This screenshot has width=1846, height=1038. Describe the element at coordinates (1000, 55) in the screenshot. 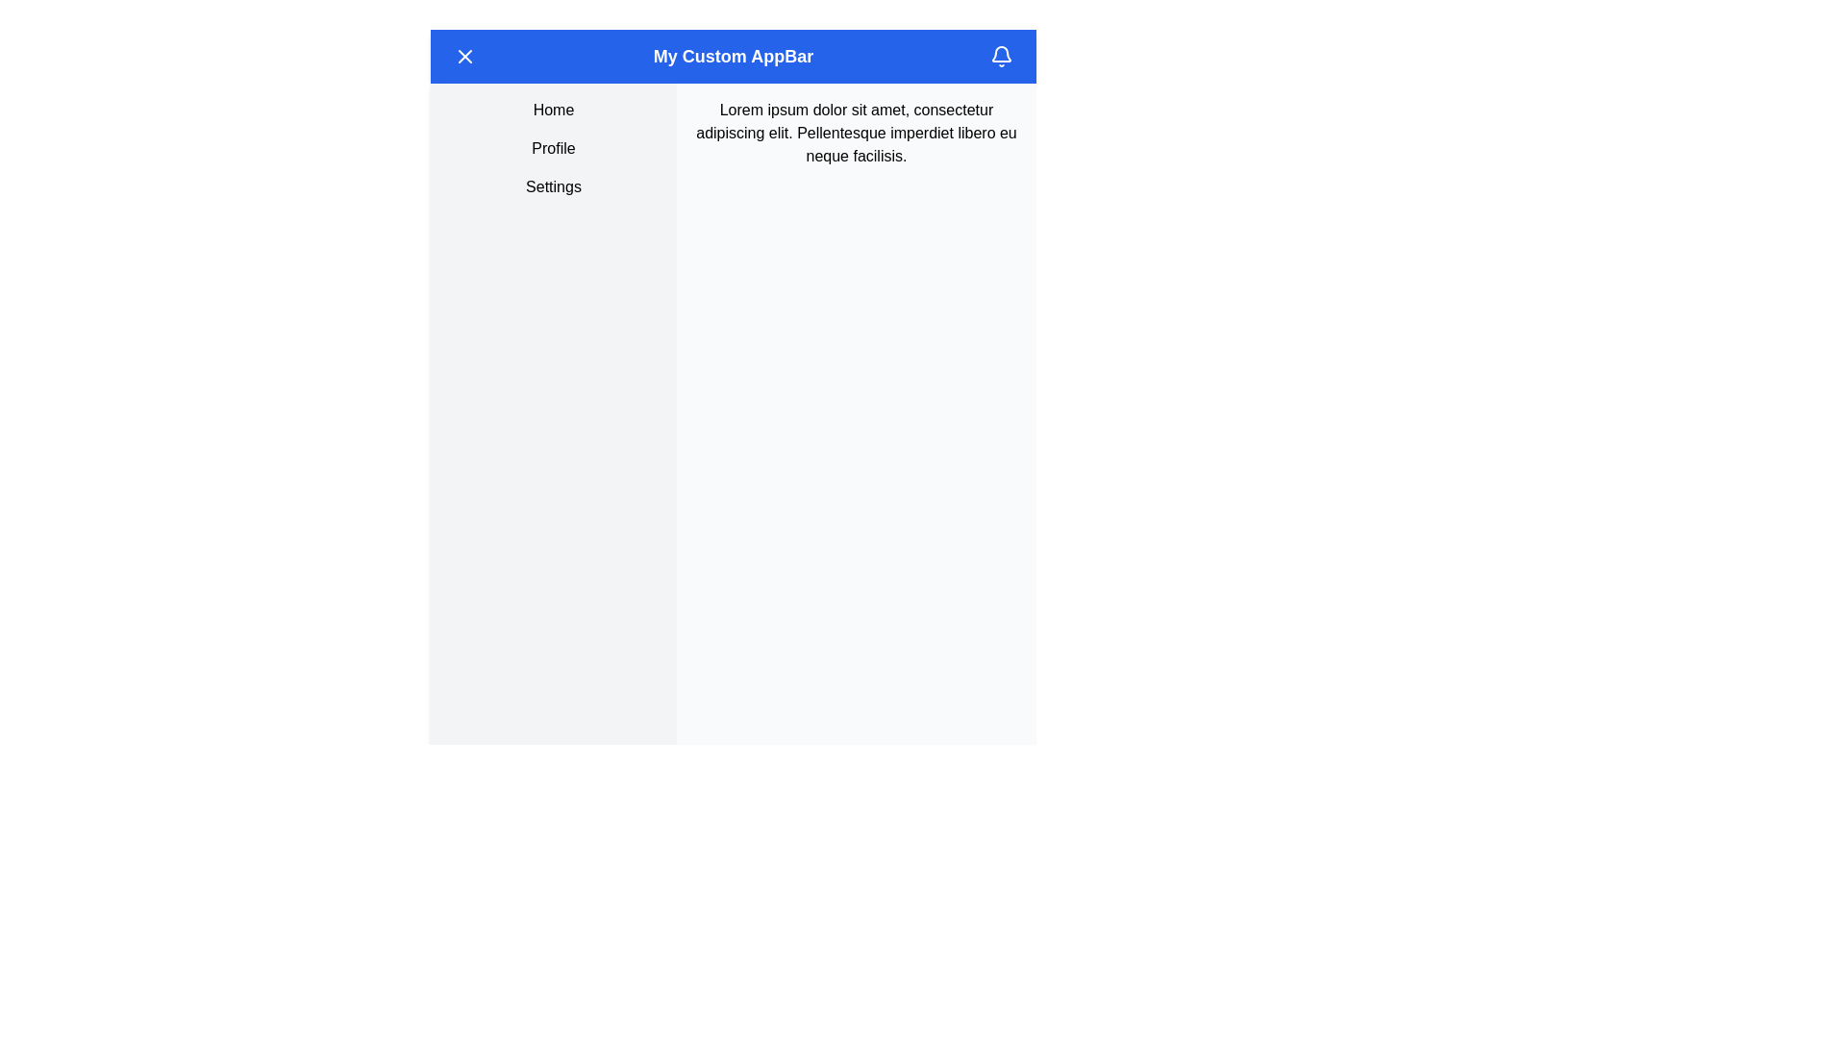

I see `the bell icon button in the upper right corner of the application bar` at that location.